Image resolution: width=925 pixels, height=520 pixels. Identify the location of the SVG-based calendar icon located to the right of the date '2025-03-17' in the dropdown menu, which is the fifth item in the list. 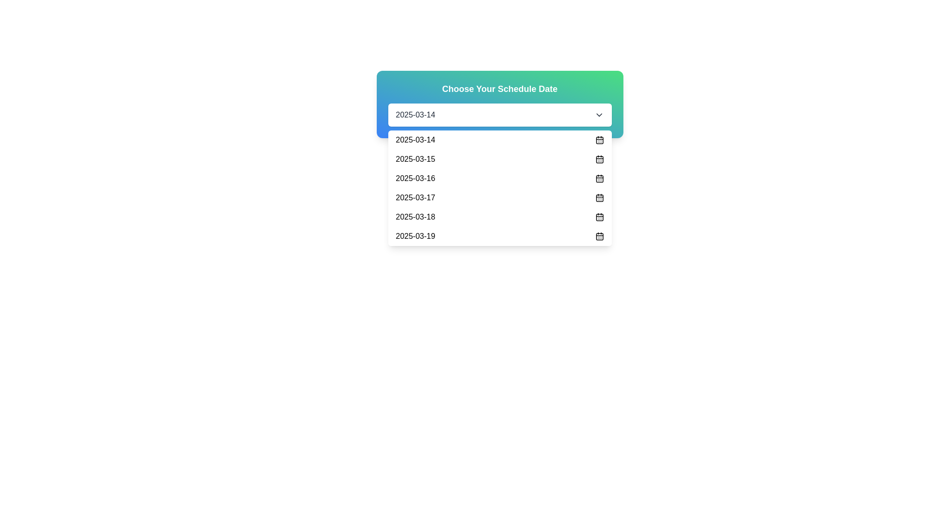
(599, 197).